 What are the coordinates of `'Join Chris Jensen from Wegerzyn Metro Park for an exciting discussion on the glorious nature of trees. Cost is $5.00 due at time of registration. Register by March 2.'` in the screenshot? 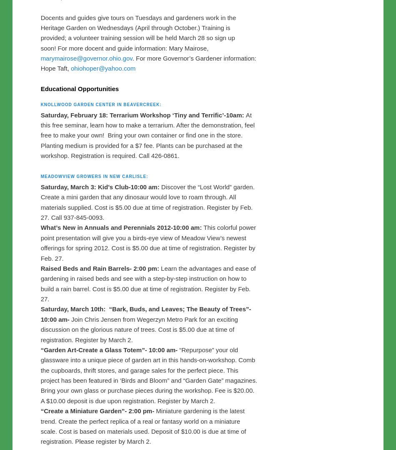 It's located at (138, 349).